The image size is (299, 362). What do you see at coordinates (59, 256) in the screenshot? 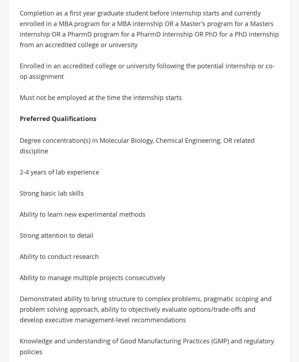
I see `'Ability to conduct research'` at bounding box center [59, 256].